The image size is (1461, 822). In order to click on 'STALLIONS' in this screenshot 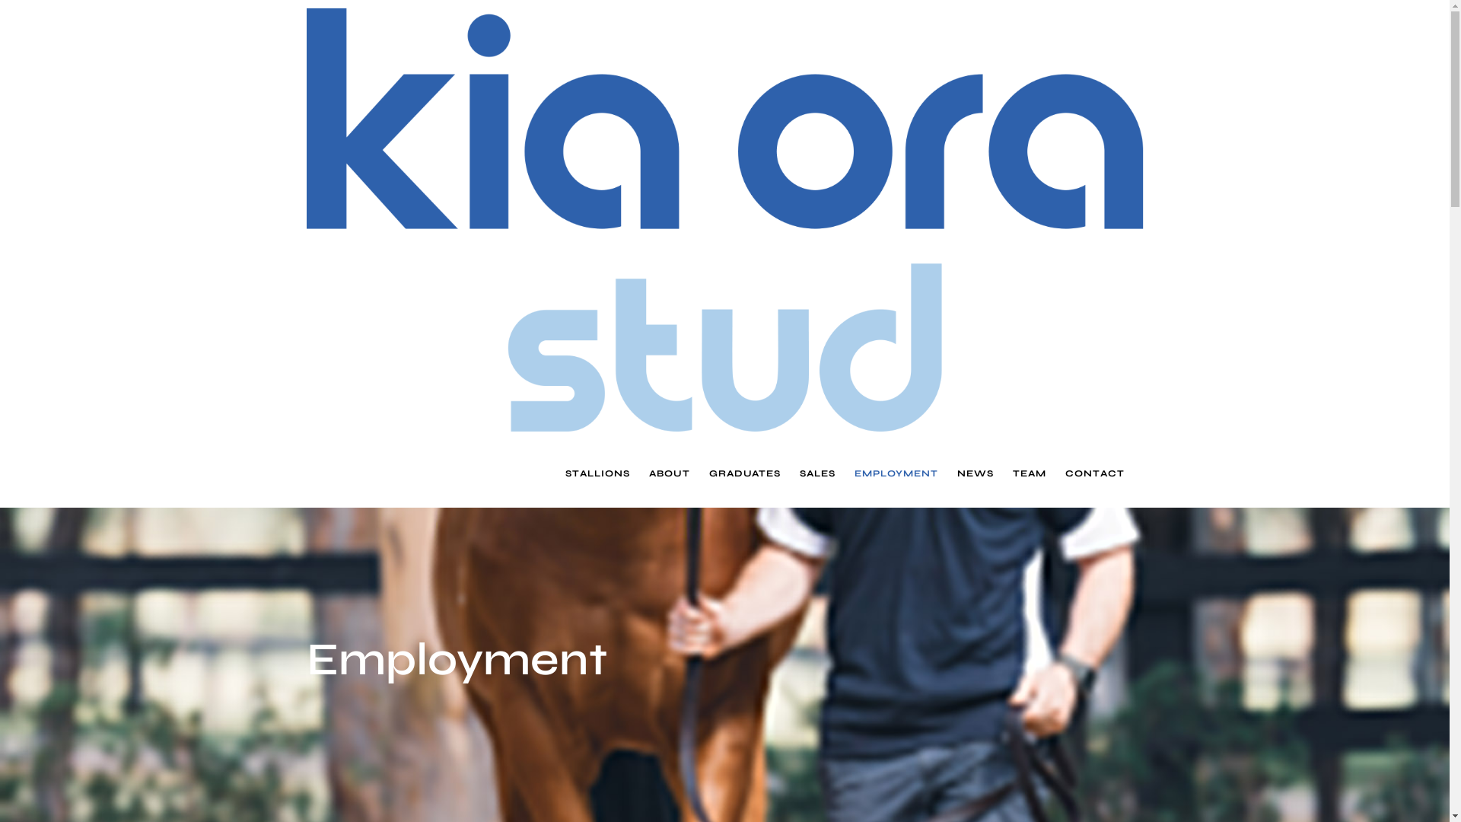, I will do `click(564, 472)`.